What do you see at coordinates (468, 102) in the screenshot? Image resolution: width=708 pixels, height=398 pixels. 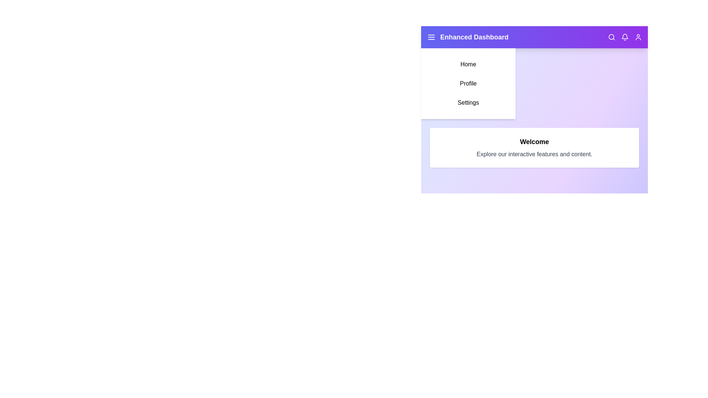 I see `the 'Settings' menu item` at bounding box center [468, 102].